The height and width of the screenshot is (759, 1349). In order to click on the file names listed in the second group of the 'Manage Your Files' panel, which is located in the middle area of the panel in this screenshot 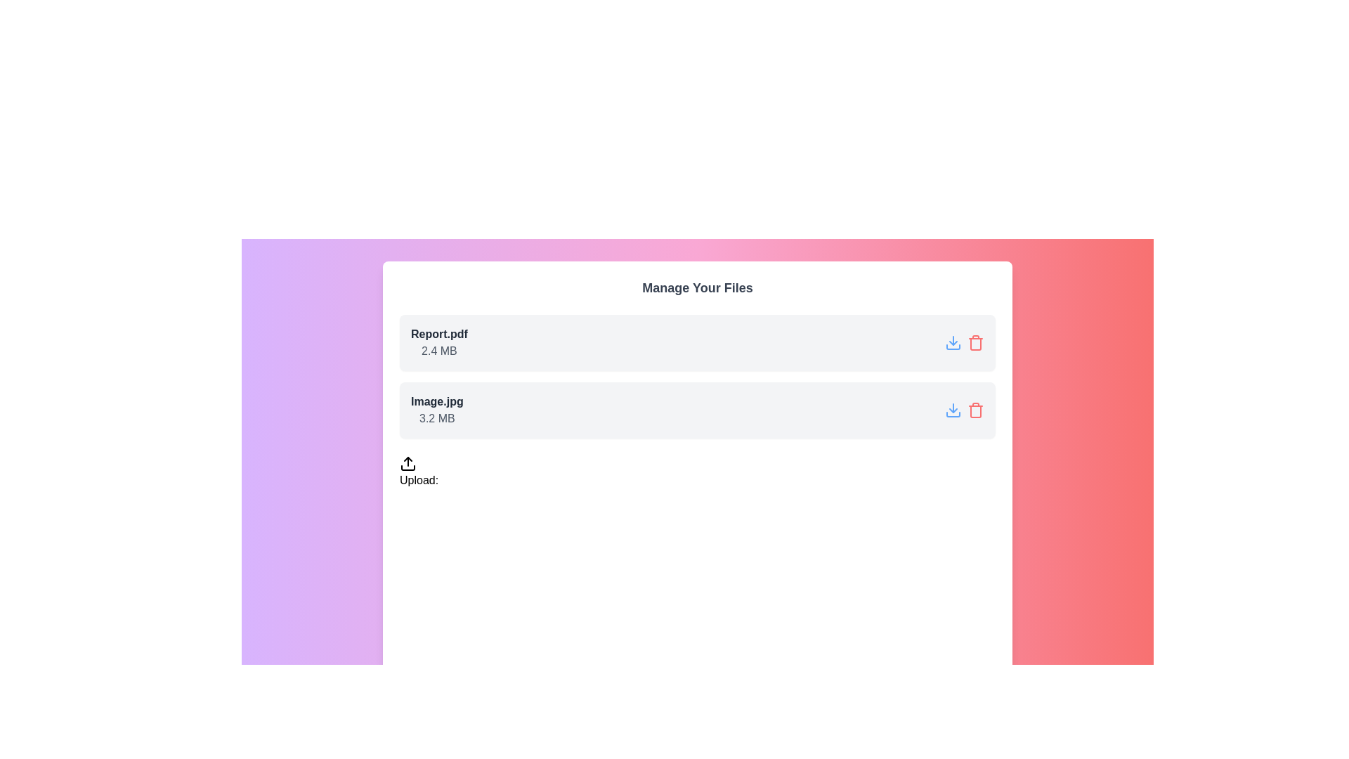, I will do `click(698, 376)`.